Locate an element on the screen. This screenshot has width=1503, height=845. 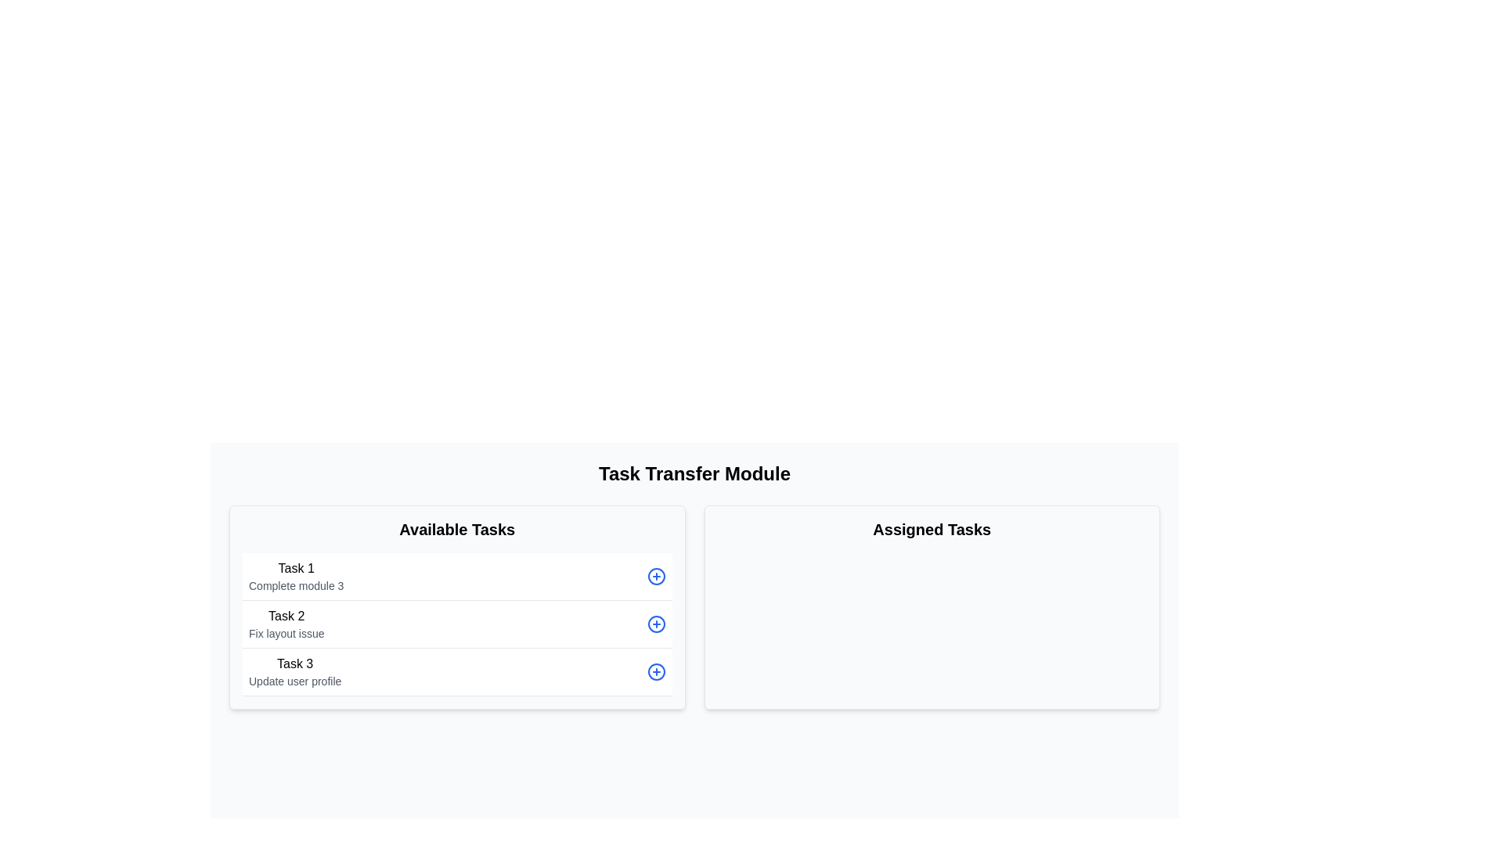
the 'Task 2' text label in the 'Available Tasks' section, which serves as a header for the list item above the description 'Fix layout issue' is located at coordinates (287, 615).